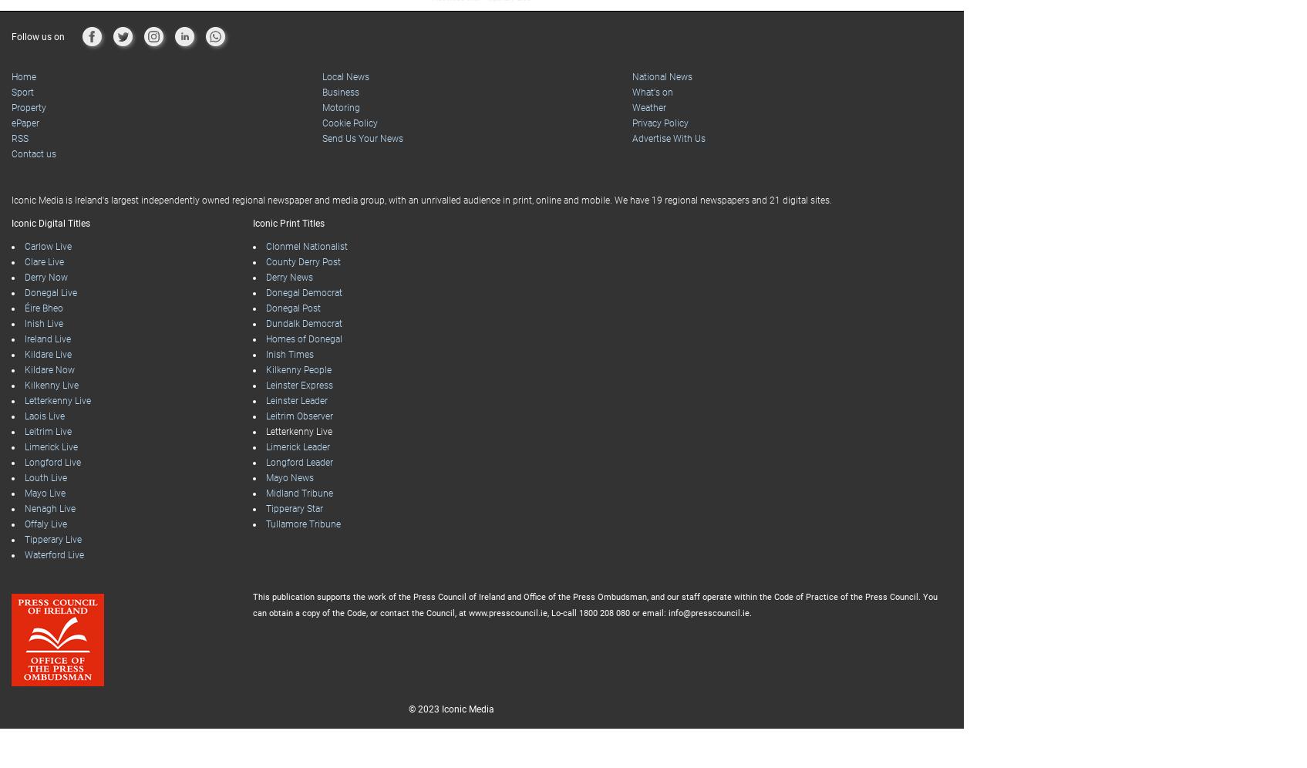 The height and width of the screenshot is (768, 1307). What do you see at coordinates (44, 262) in the screenshot?
I see `'Clare Live'` at bounding box center [44, 262].